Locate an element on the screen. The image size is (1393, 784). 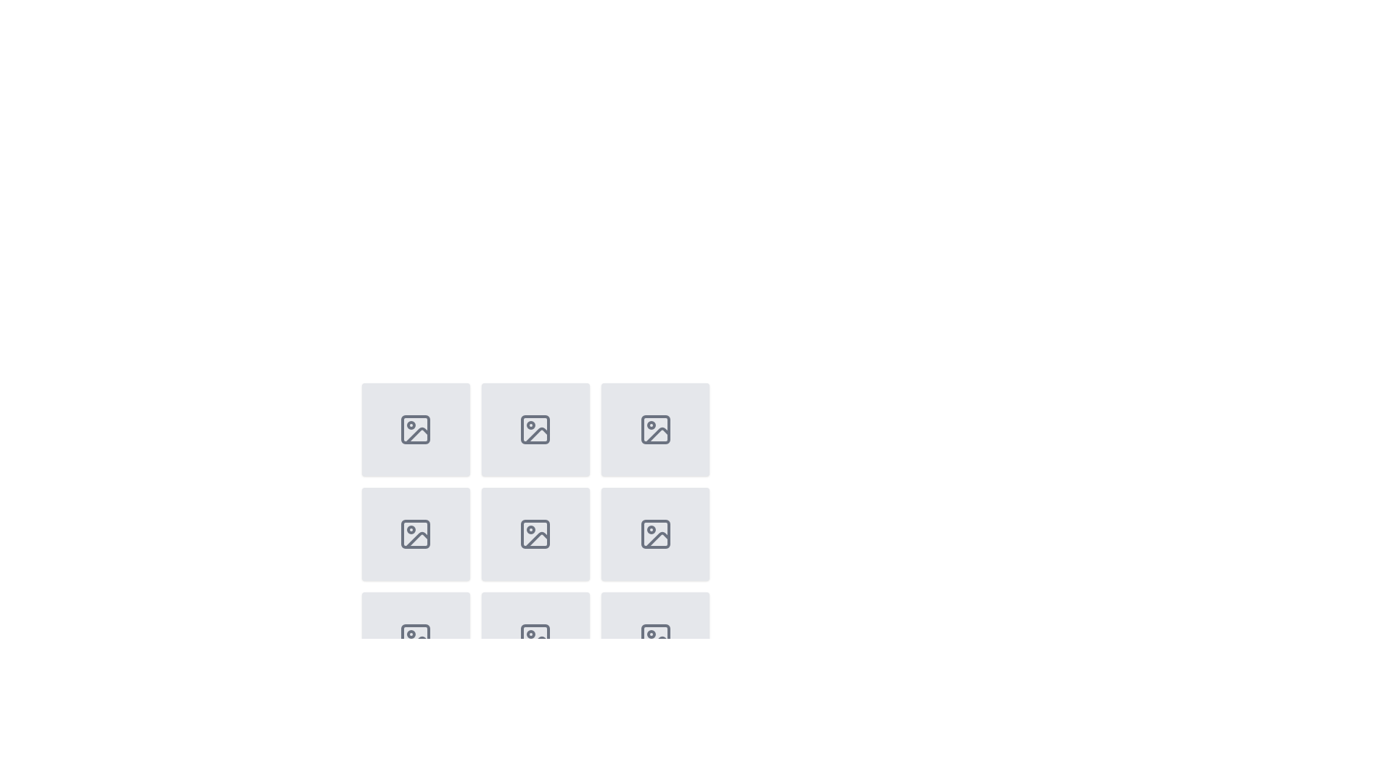
the interactive button-like area represented by a light gray rectangle with rounded corners within the SVG landscape image icon located in the top-left cell of a 3x3 grid layout is located at coordinates (415, 428).